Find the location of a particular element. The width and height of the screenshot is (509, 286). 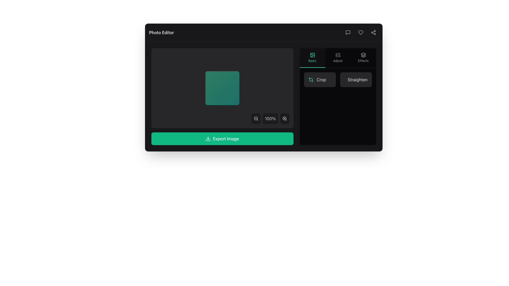

the central circular visual element of the zoom-in icon located in the bottom-right corner of the canvas is located at coordinates (284, 118).